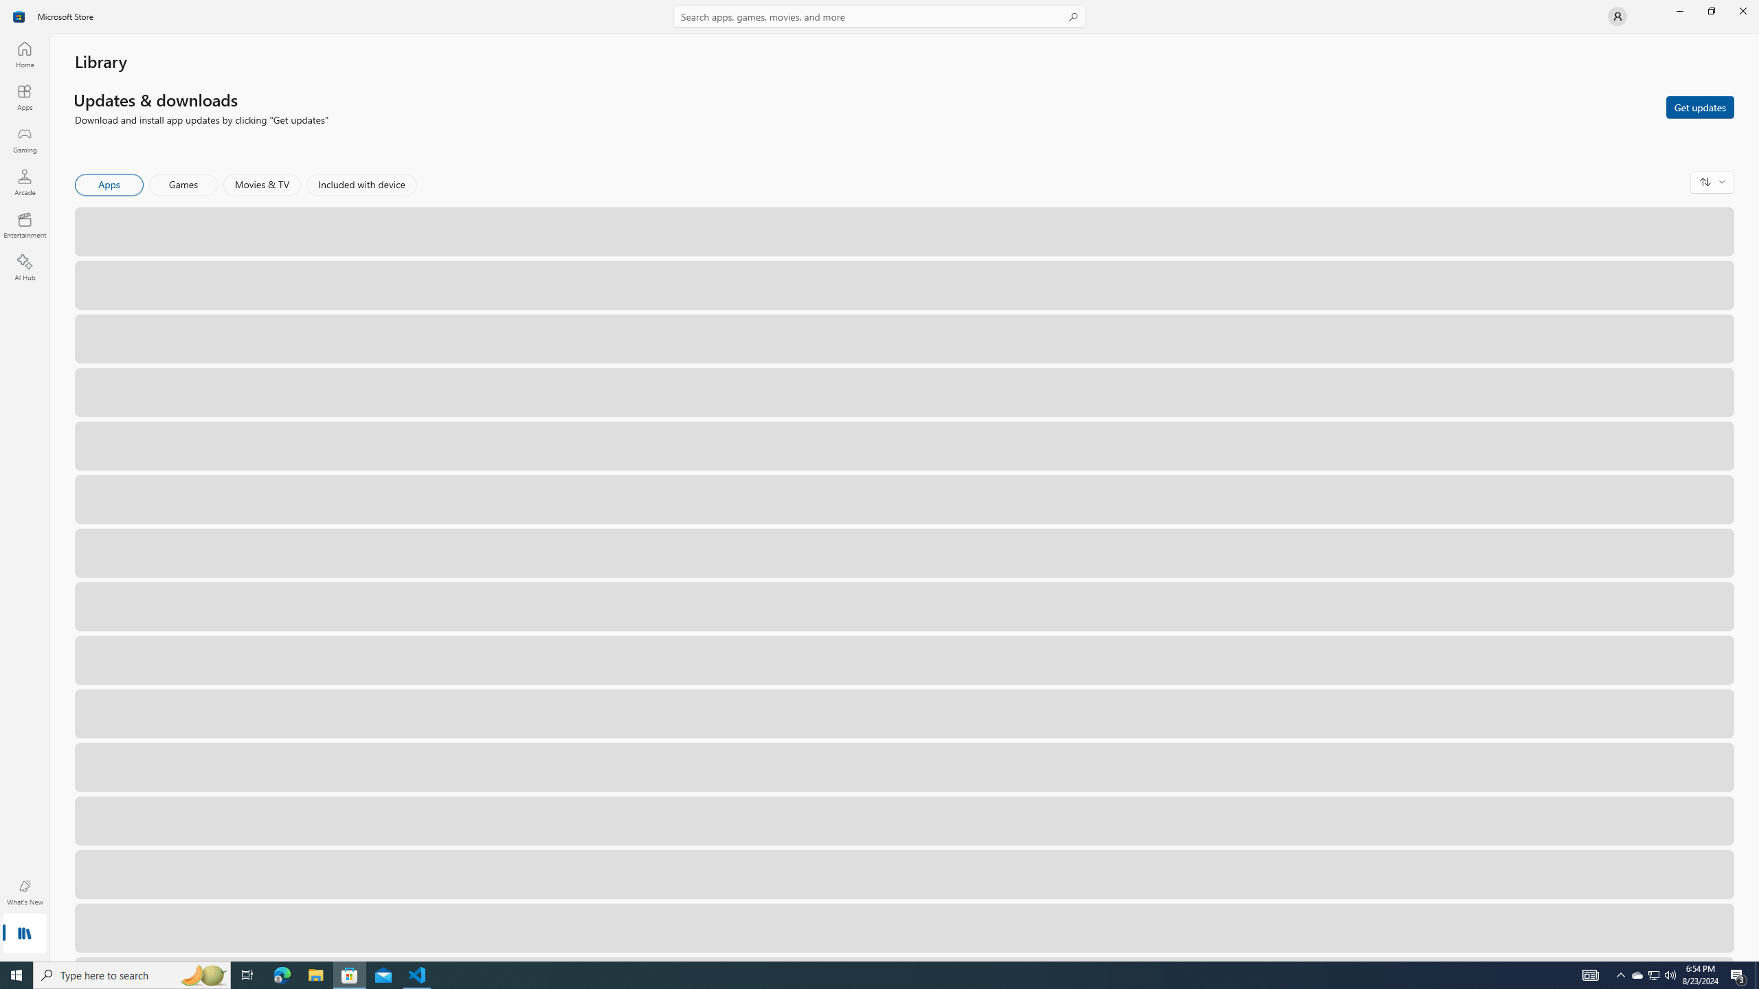 This screenshot has width=1759, height=989. Describe the element at coordinates (23, 54) in the screenshot. I see `'Home'` at that location.